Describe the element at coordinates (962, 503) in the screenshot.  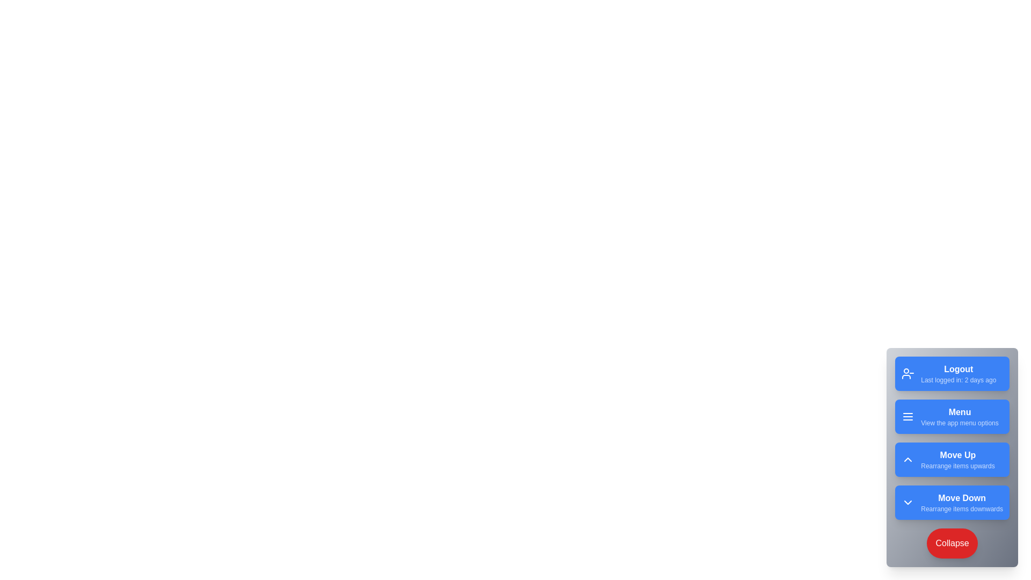
I see `the 'Move Down' button, which features a bold title and a subtitle, located in the lower section of a vertical menu with a bright blue background` at that location.